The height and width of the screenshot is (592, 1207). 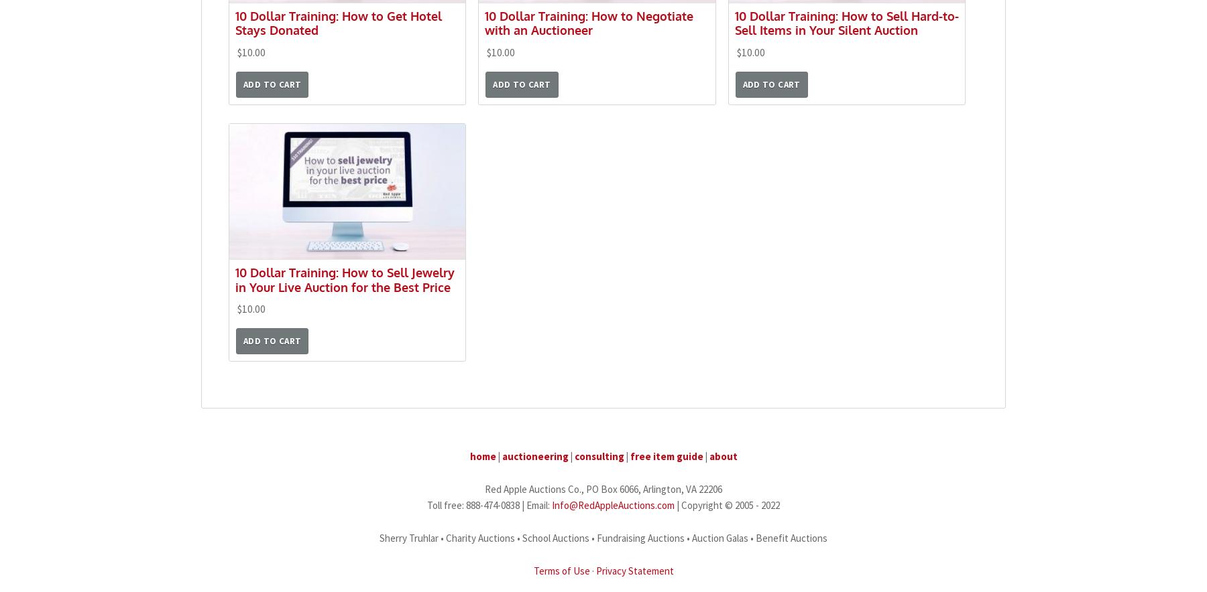 What do you see at coordinates (723, 455) in the screenshot?
I see `'about'` at bounding box center [723, 455].